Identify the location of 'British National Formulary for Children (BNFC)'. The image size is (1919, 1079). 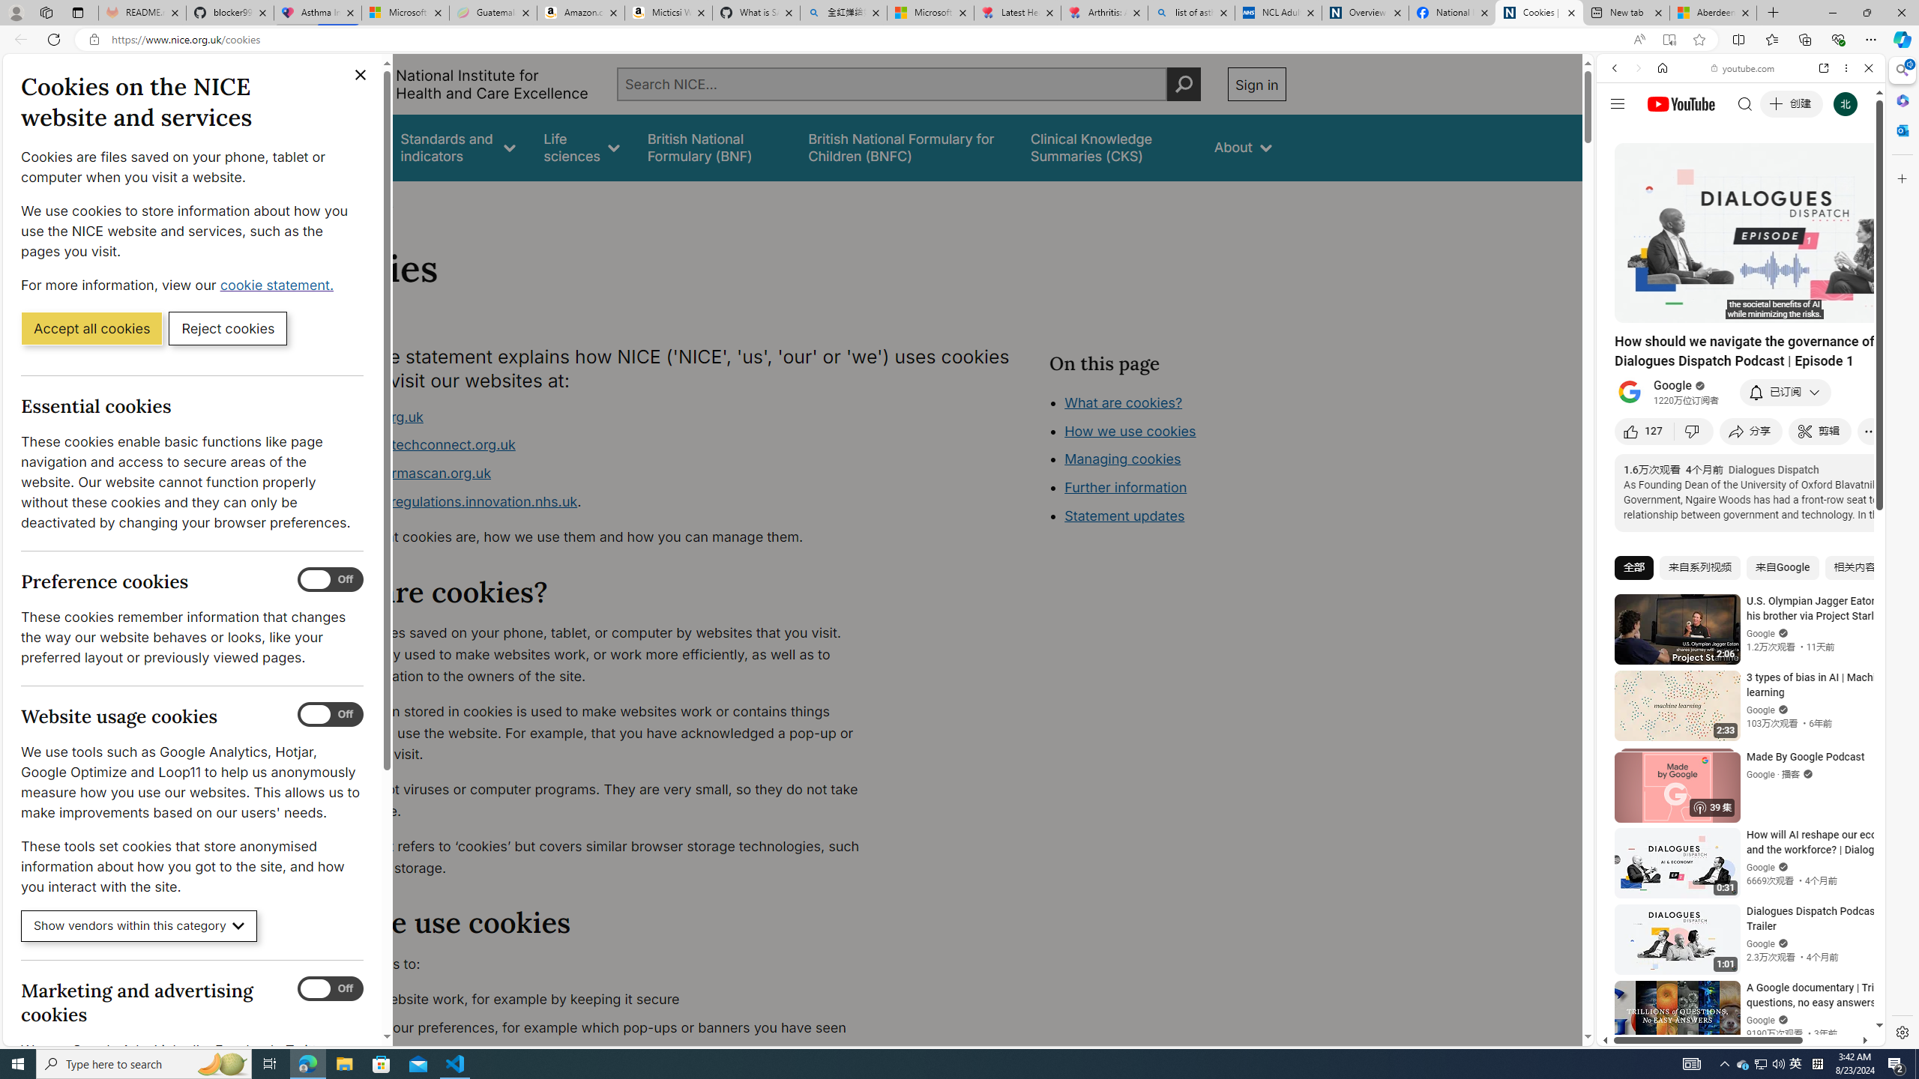
(905, 147).